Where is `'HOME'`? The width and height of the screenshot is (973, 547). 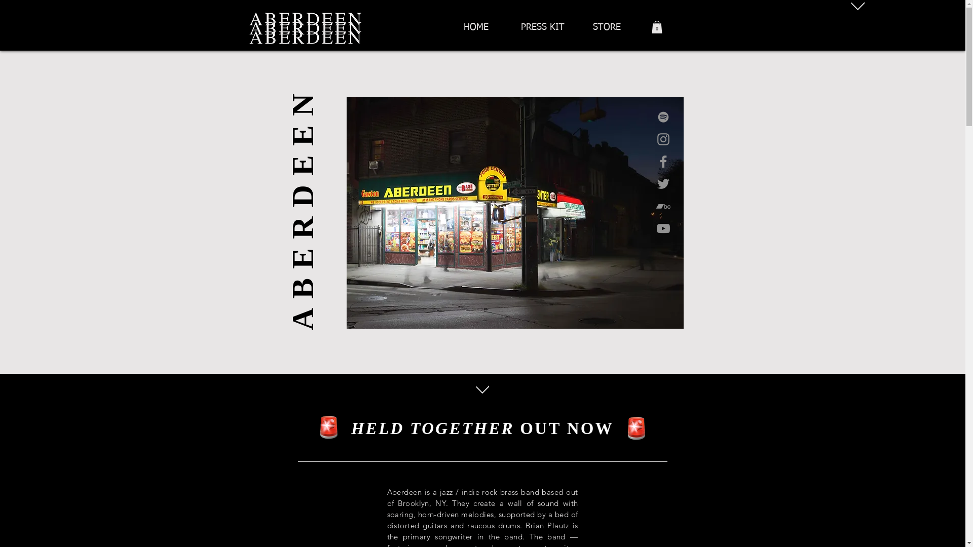 'HOME' is located at coordinates (547, 22).